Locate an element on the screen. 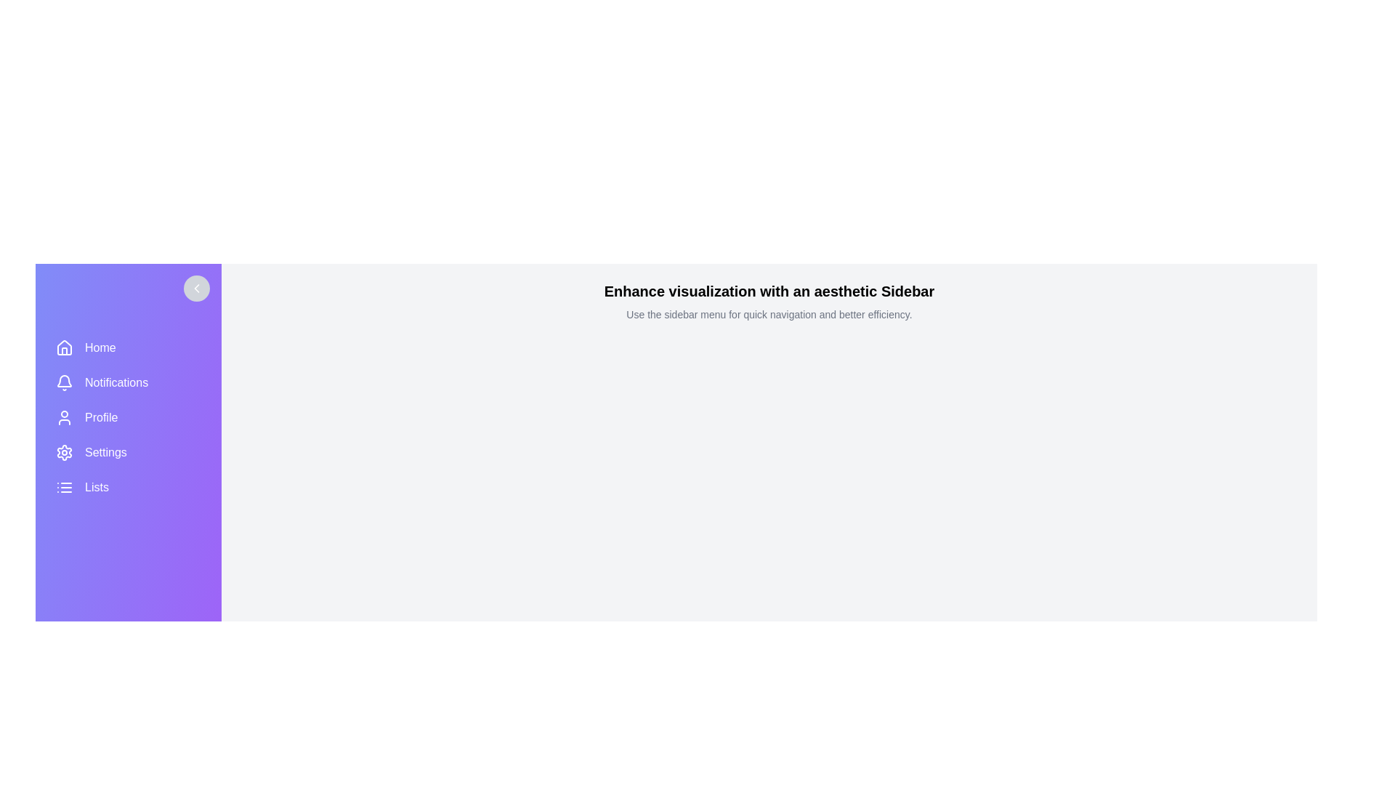  the menu item Home to reveal its label is located at coordinates (129, 347).